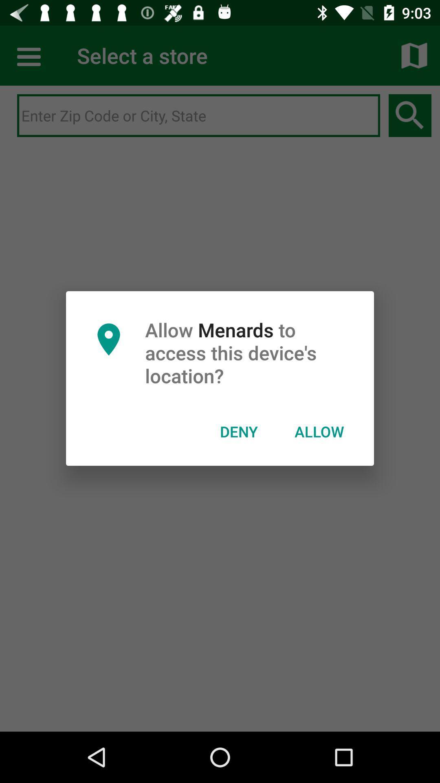 Image resolution: width=440 pixels, height=783 pixels. Describe the element at coordinates (29, 55) in the screenshot. I see `menu options` at that location.